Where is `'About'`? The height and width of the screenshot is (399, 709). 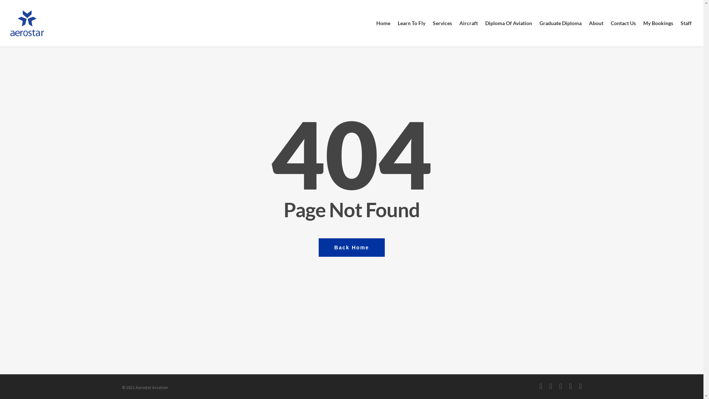 'About' is located at coordinates (596, 23).